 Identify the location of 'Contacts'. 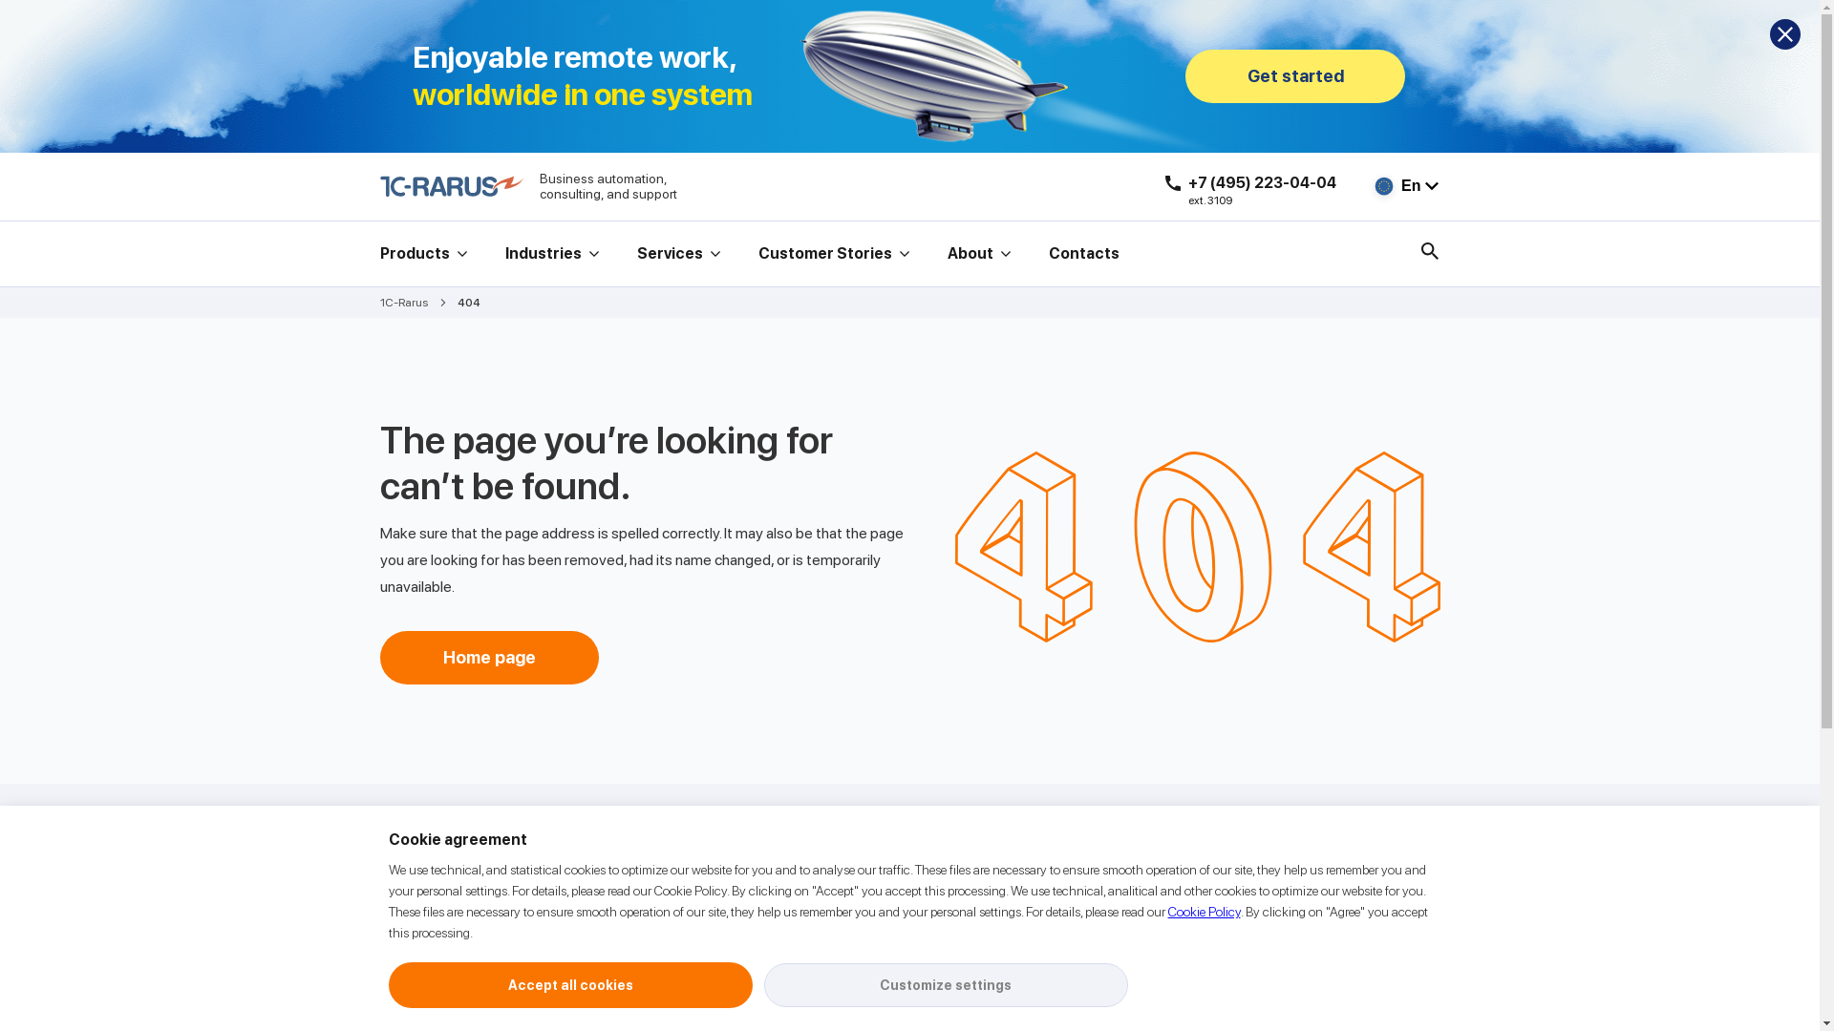
(1048, 253).